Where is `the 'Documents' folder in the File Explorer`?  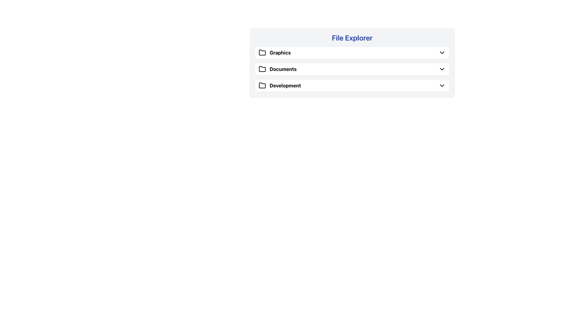
the 'Documents' folder in the File Explorer is located at coordinates (352, 69).